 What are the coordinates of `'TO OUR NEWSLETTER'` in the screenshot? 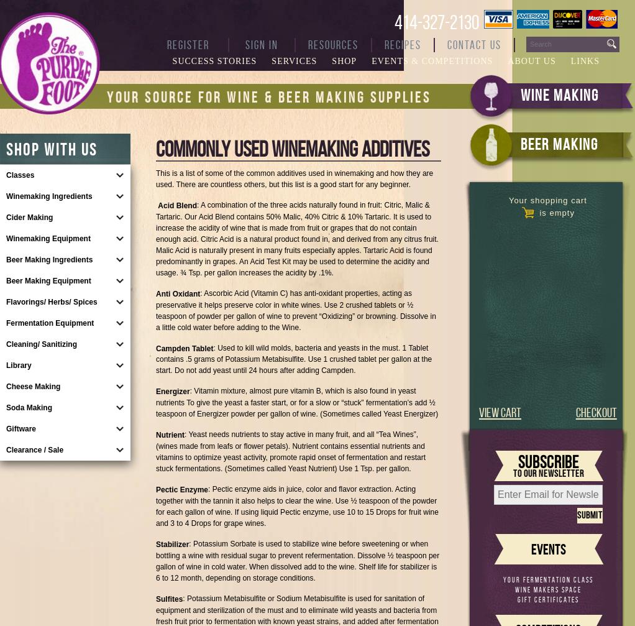 It's located at (547, 472).